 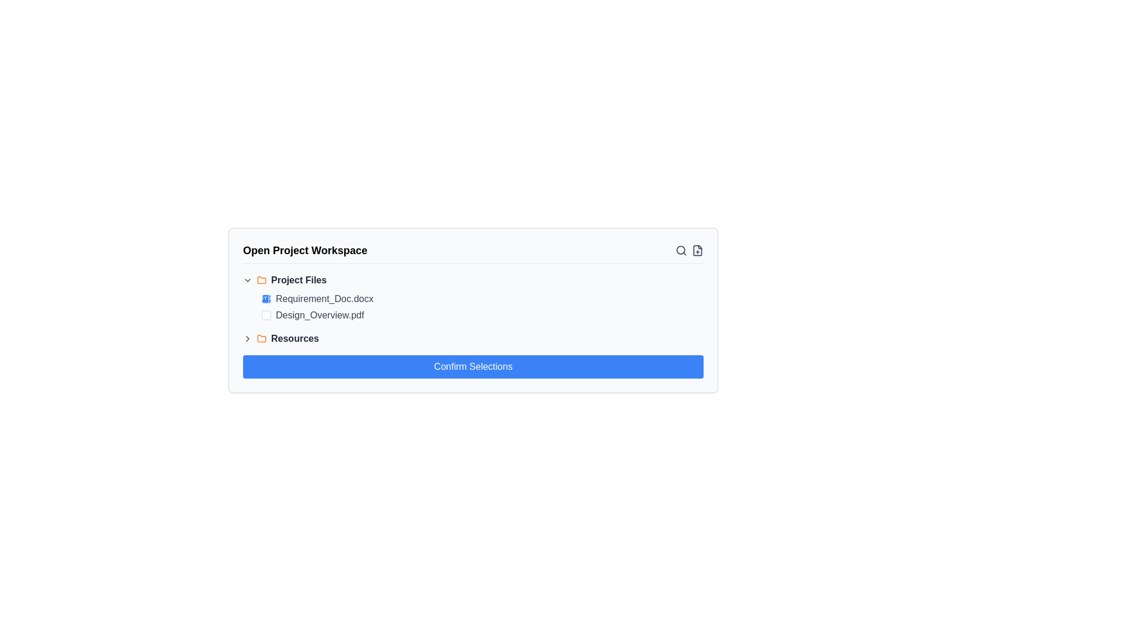 I want to click on the 'Project Files' header element, so click(x=299, y=280).